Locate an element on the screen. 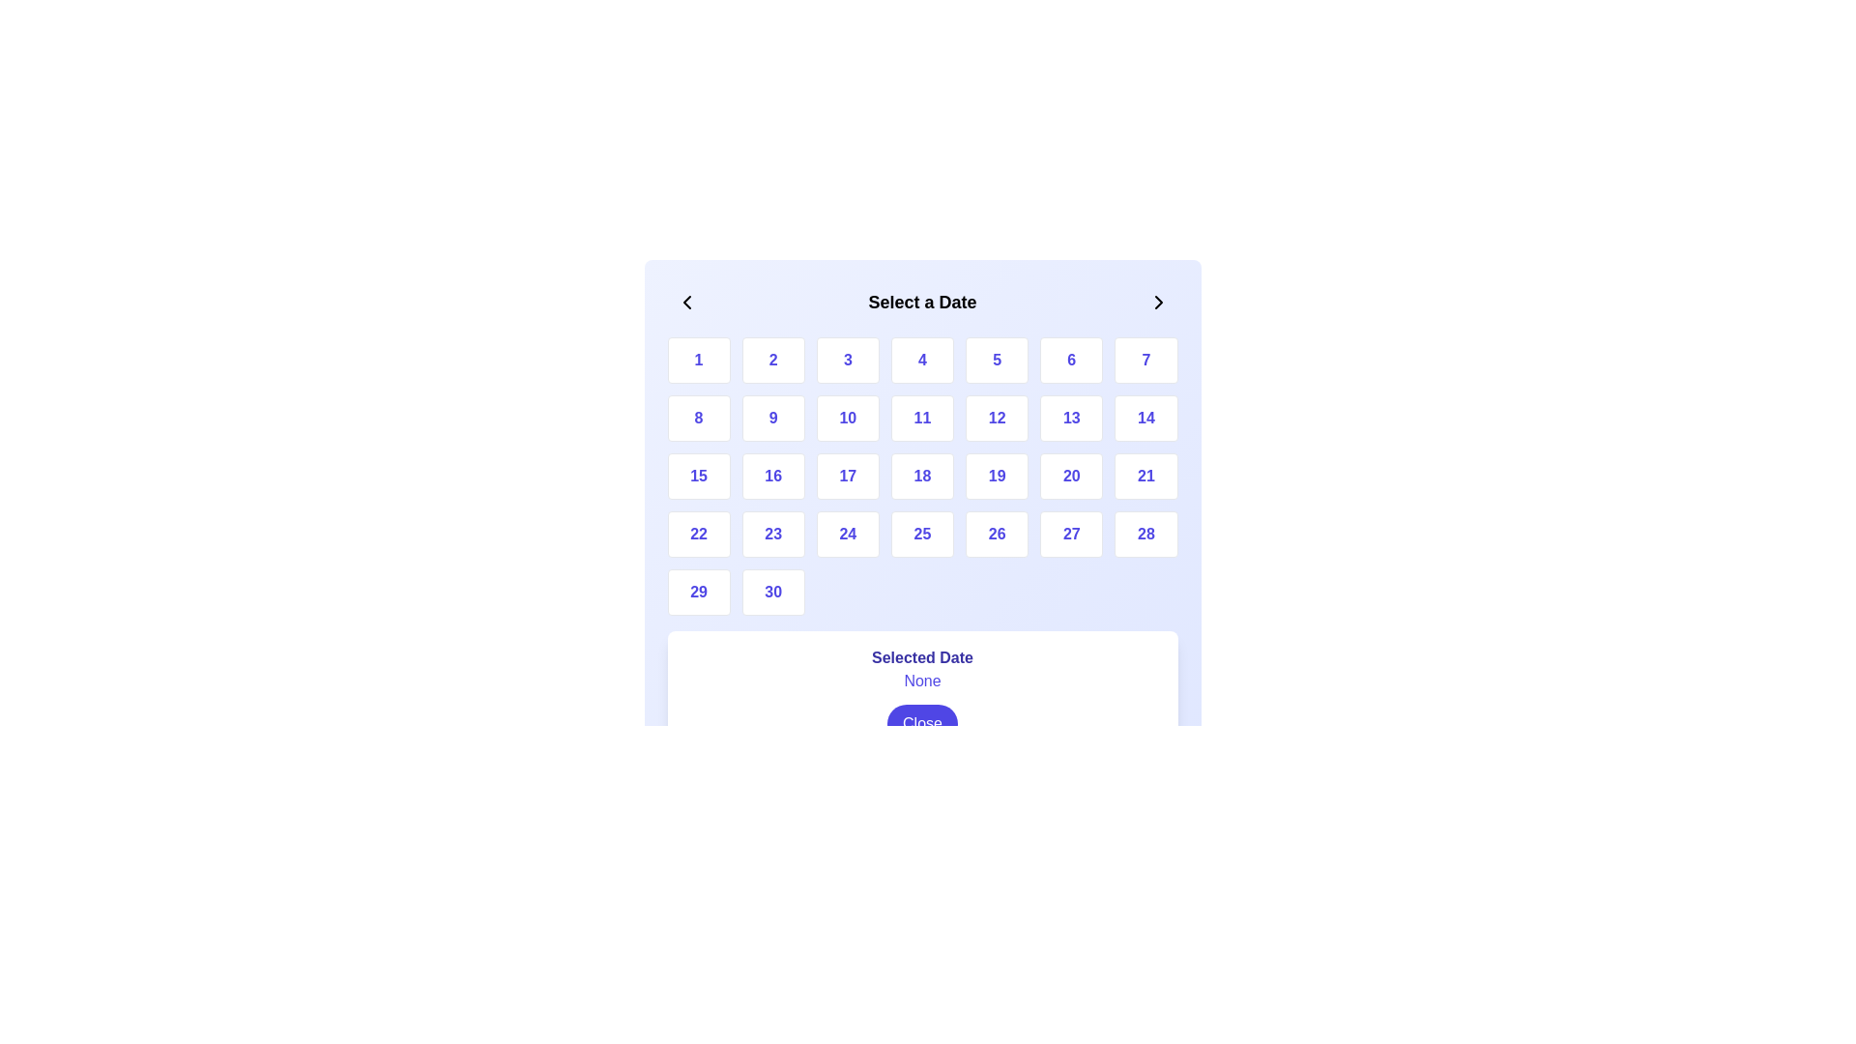 Image resolution: width=1856 pixels, height=1044 pixels. any number in the date selection grid located within the 'Select a Date' modal is located at coordinates (921, 477).